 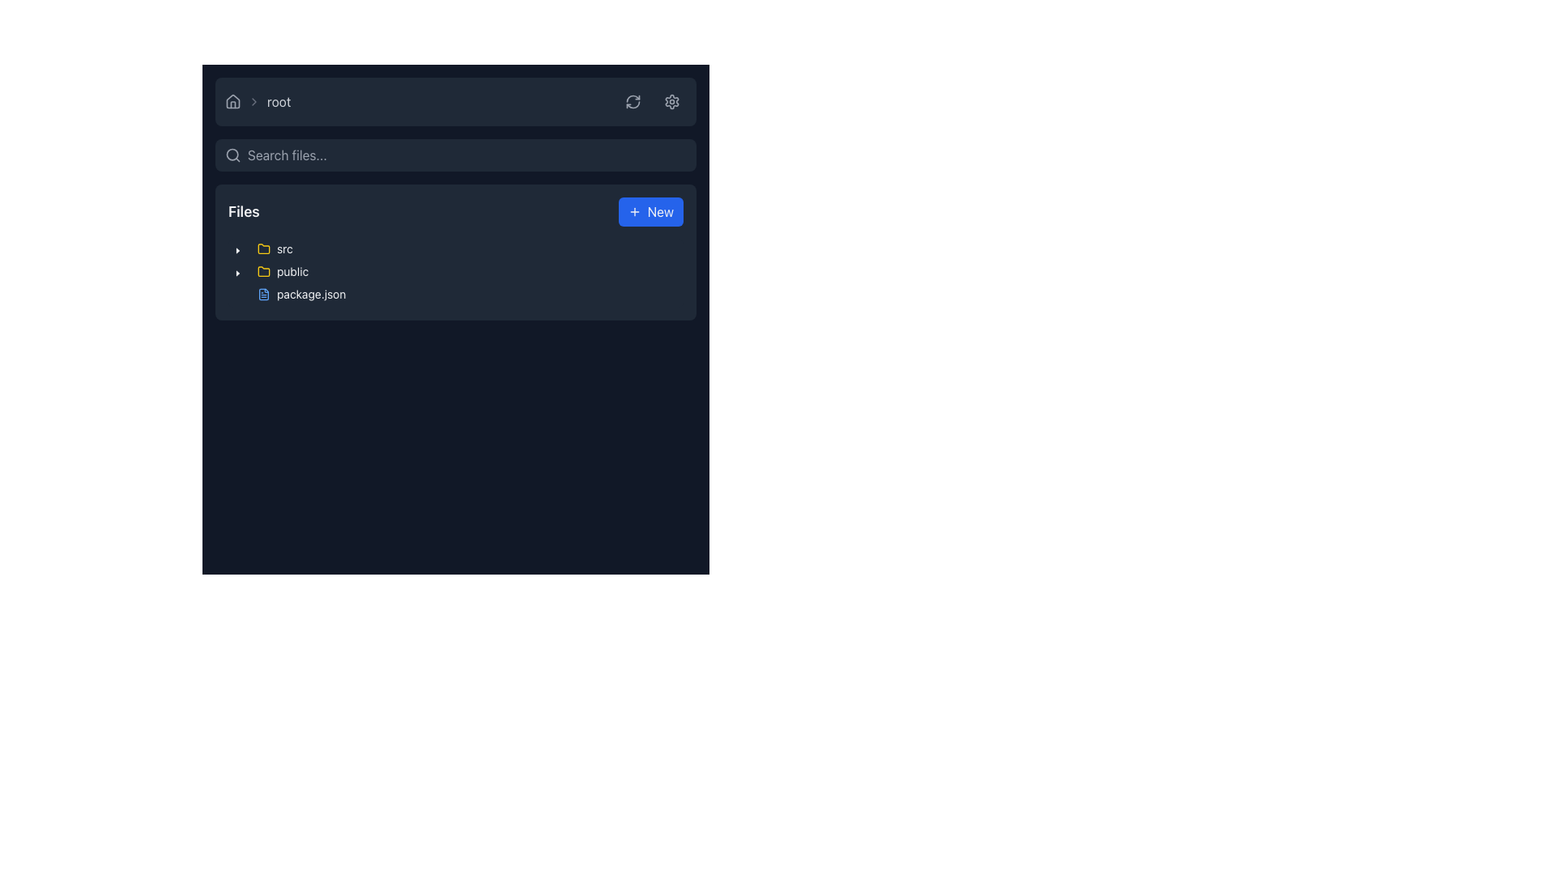 What do you see at coordinates (301, 294) in the screenshot?
I see `the list item displaying the text 'package.json' with a blue file icon` at bounding box center [301, 294].